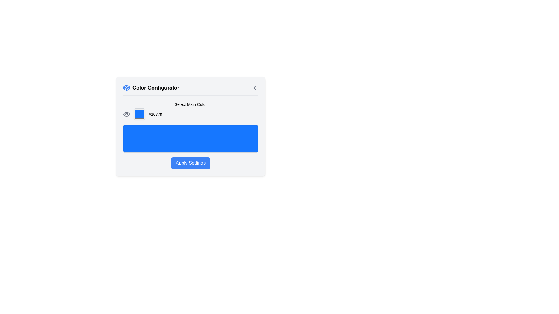 The width and height of the screenshot is (559, 314). Describe the element at coordinates (190, 114) in the screenshot. I see `the color selection box in the Color display with information segment located under 'Select Main Color'` at that location.